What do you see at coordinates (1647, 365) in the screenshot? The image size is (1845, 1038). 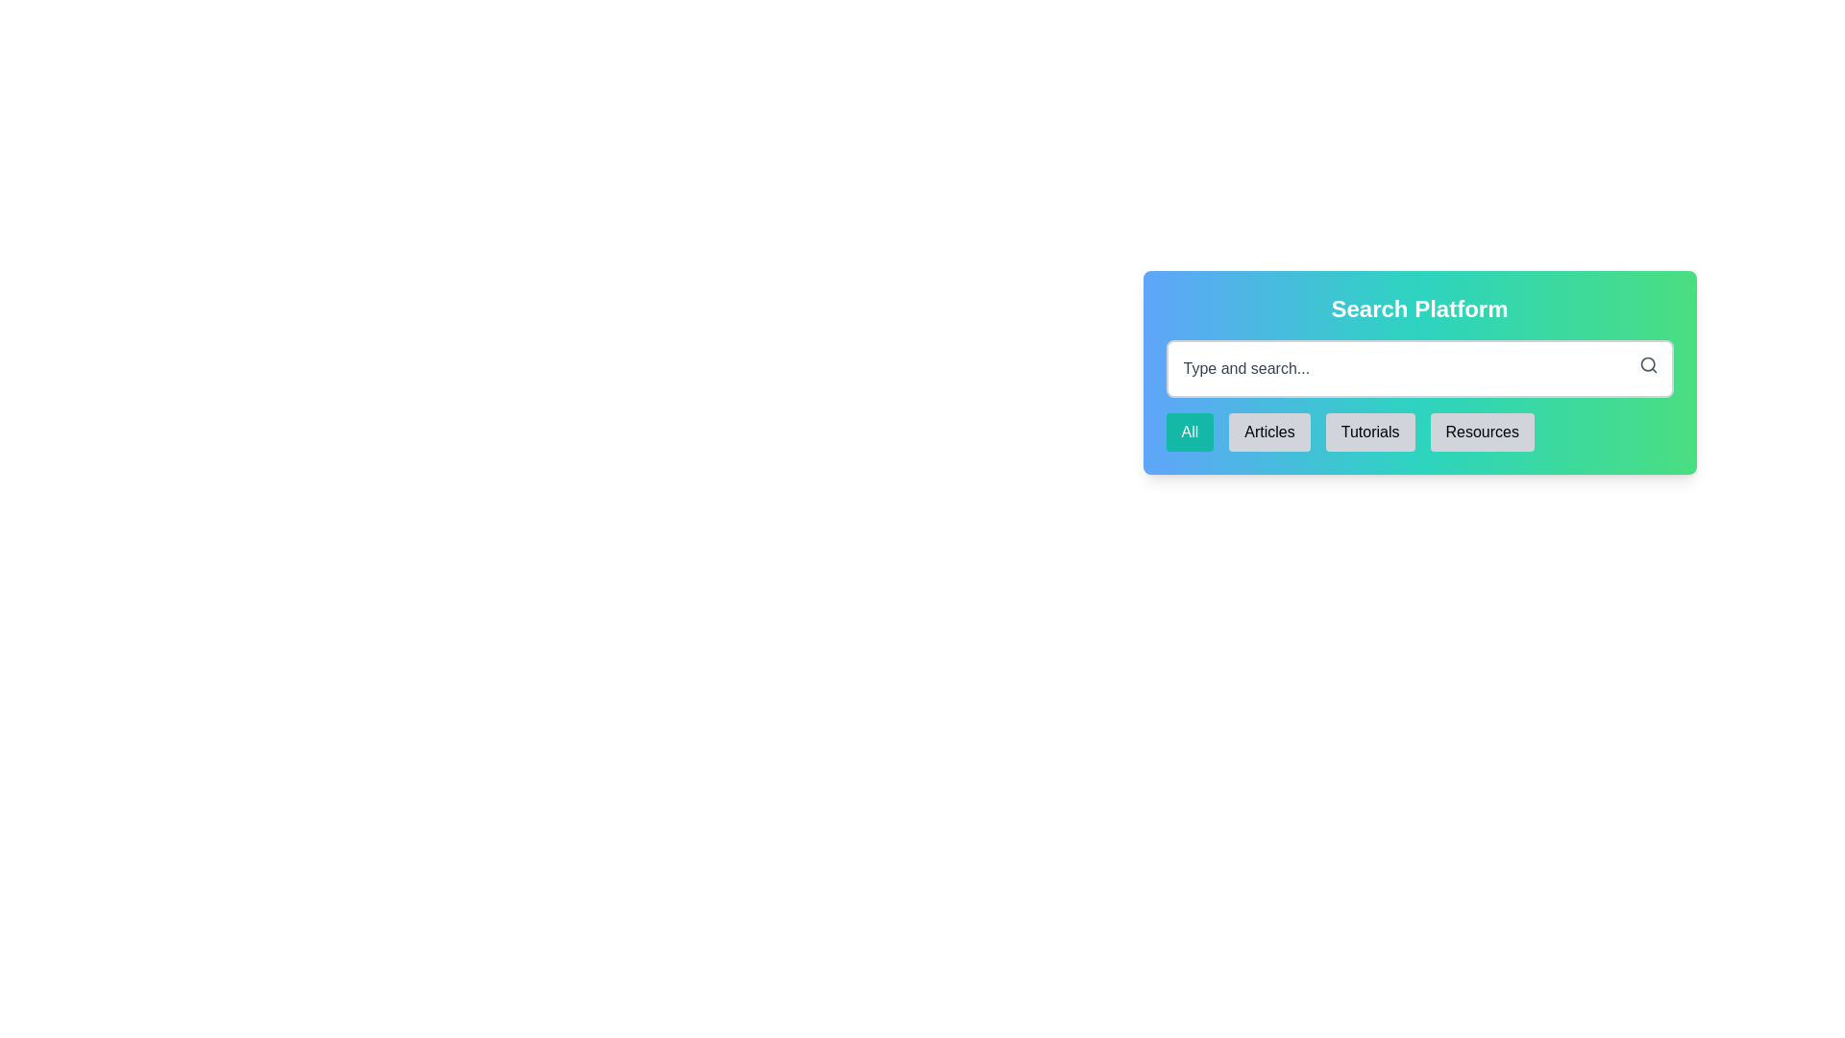 I see `the circular magnifying glass icon button located in the top-right corner of the input field labeled 'Type and search...'` at bounding box center [1647, 365].